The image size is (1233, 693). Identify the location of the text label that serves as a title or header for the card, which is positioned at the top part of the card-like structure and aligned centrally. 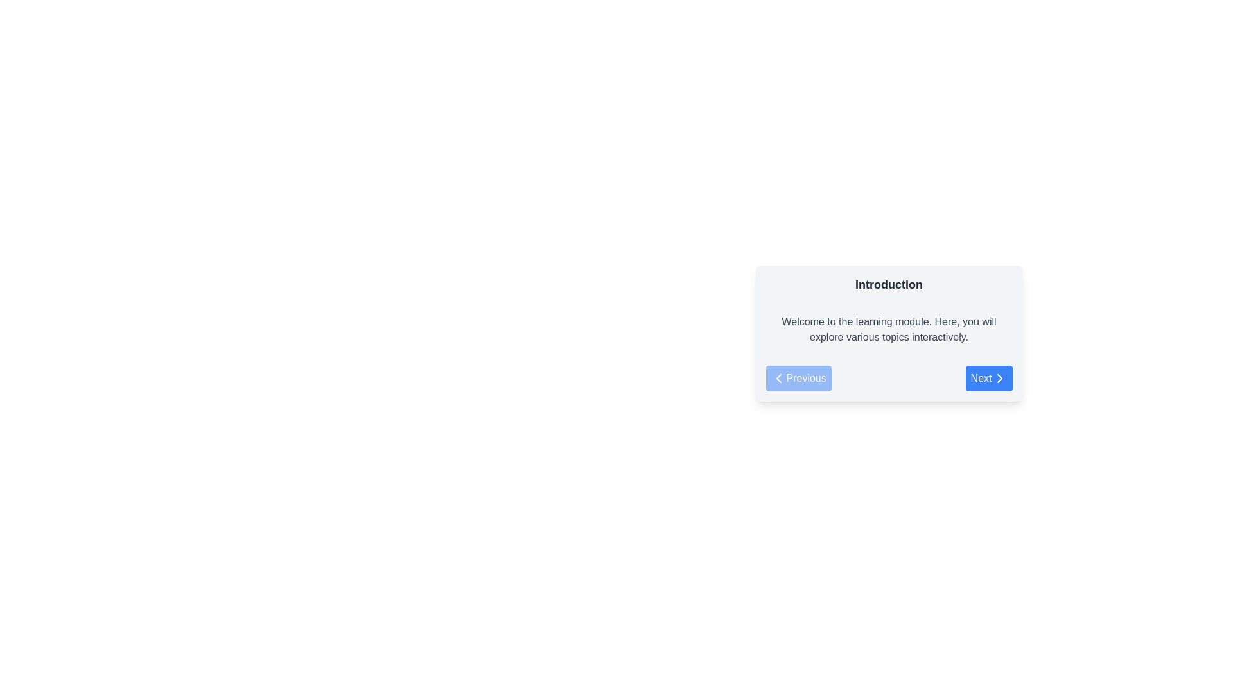
(888, 284).